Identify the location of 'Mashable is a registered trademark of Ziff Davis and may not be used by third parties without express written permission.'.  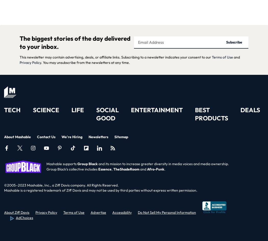
(101, 190).